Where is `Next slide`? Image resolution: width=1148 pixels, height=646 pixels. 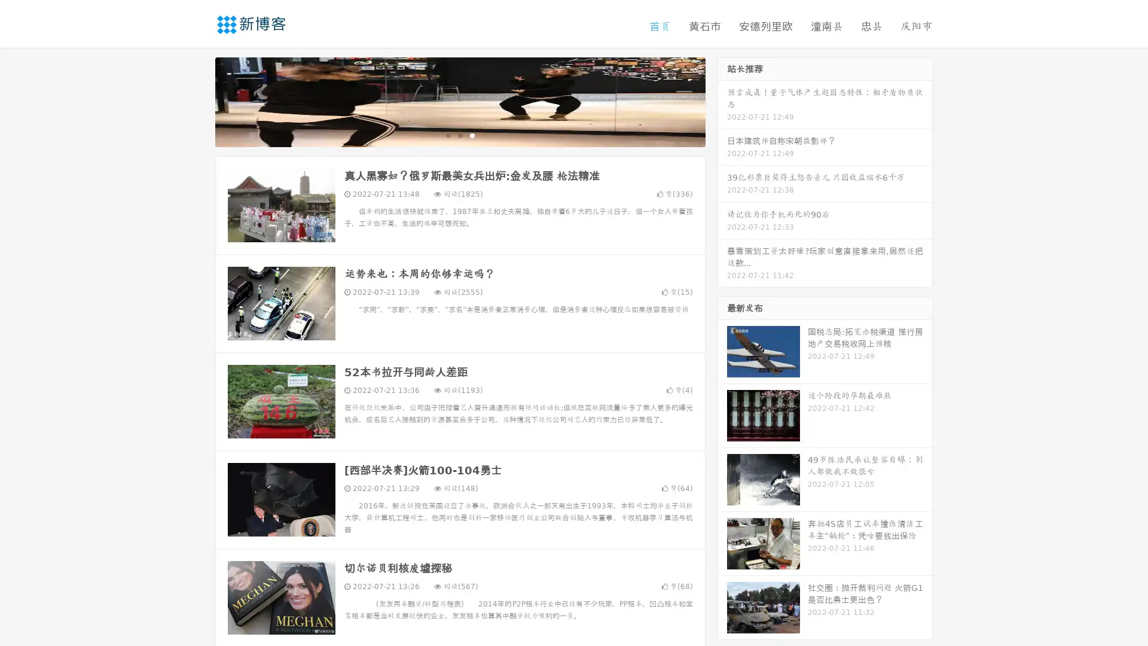
Next slide is located at coordinates (722, 100).